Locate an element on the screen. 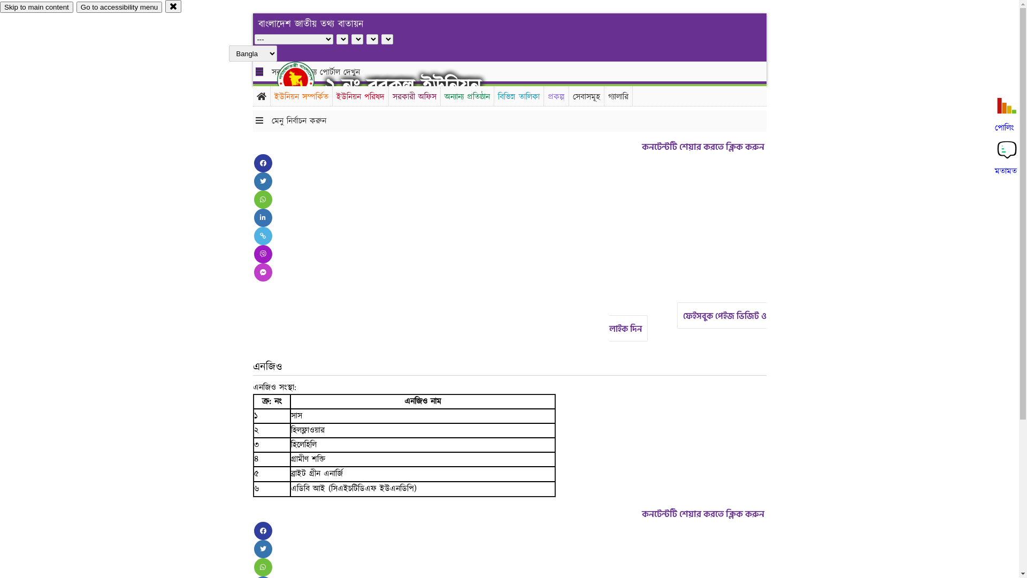 The image size is (1027, 578). 'close' is located at coordinates (164, 6).